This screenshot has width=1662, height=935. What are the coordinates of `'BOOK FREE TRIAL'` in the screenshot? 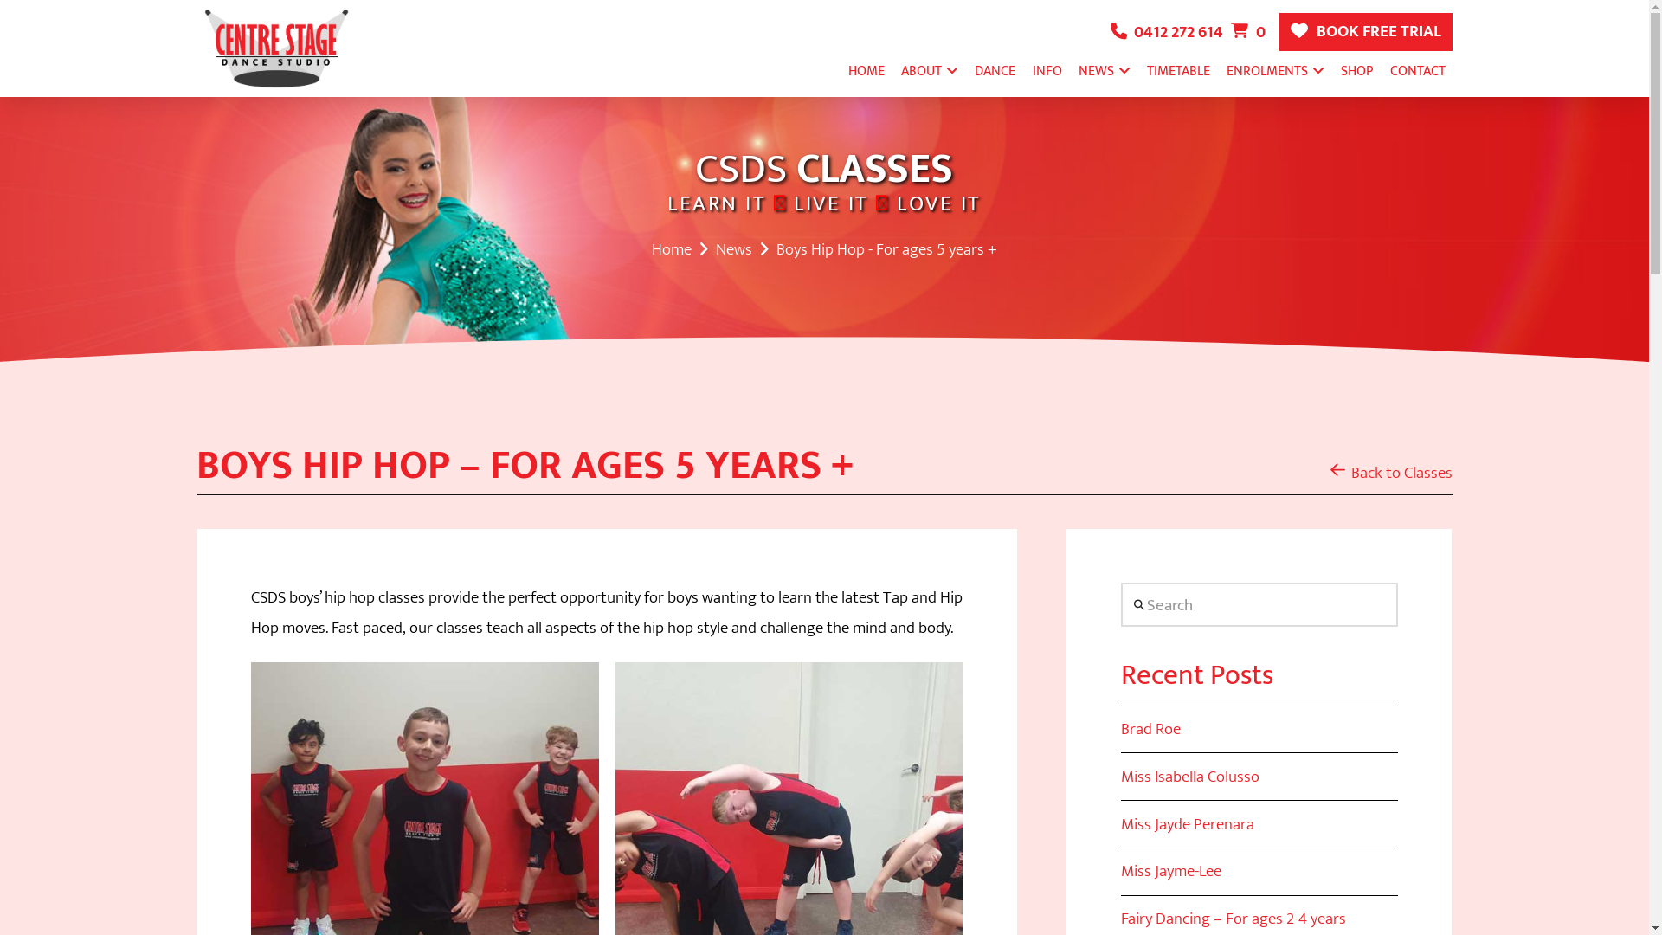 It's located at (1365, 32).